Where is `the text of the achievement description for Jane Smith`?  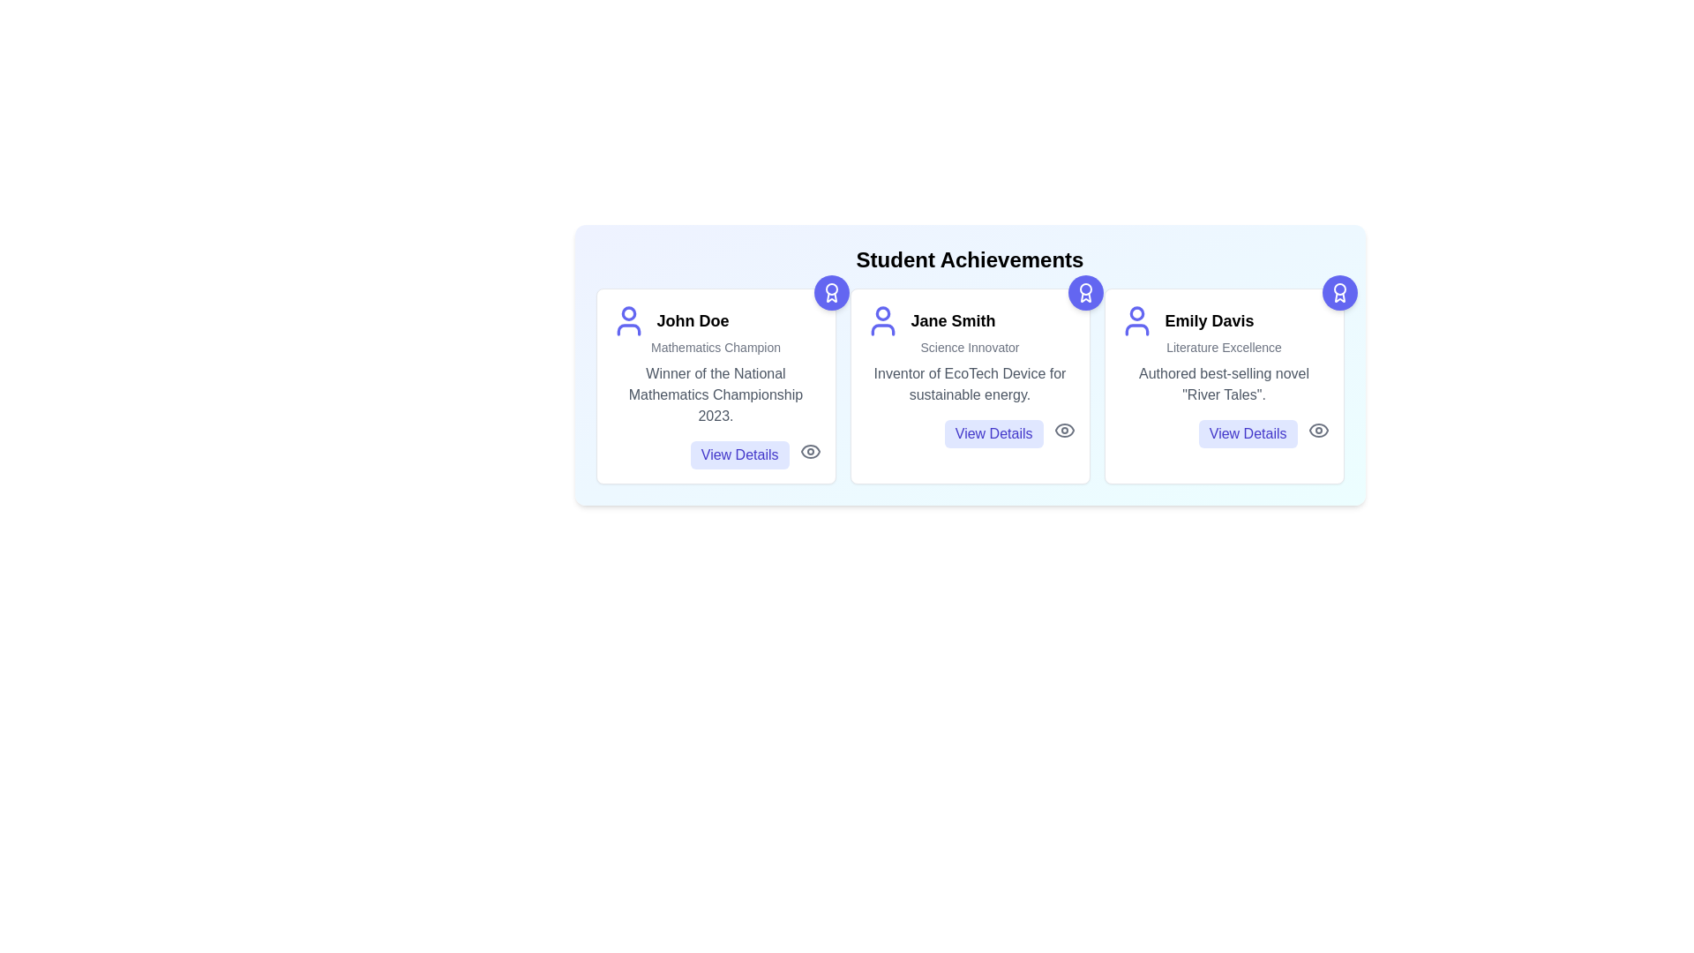 the text of the achievement description for Jane Smith is located at coordinates (969, 383).